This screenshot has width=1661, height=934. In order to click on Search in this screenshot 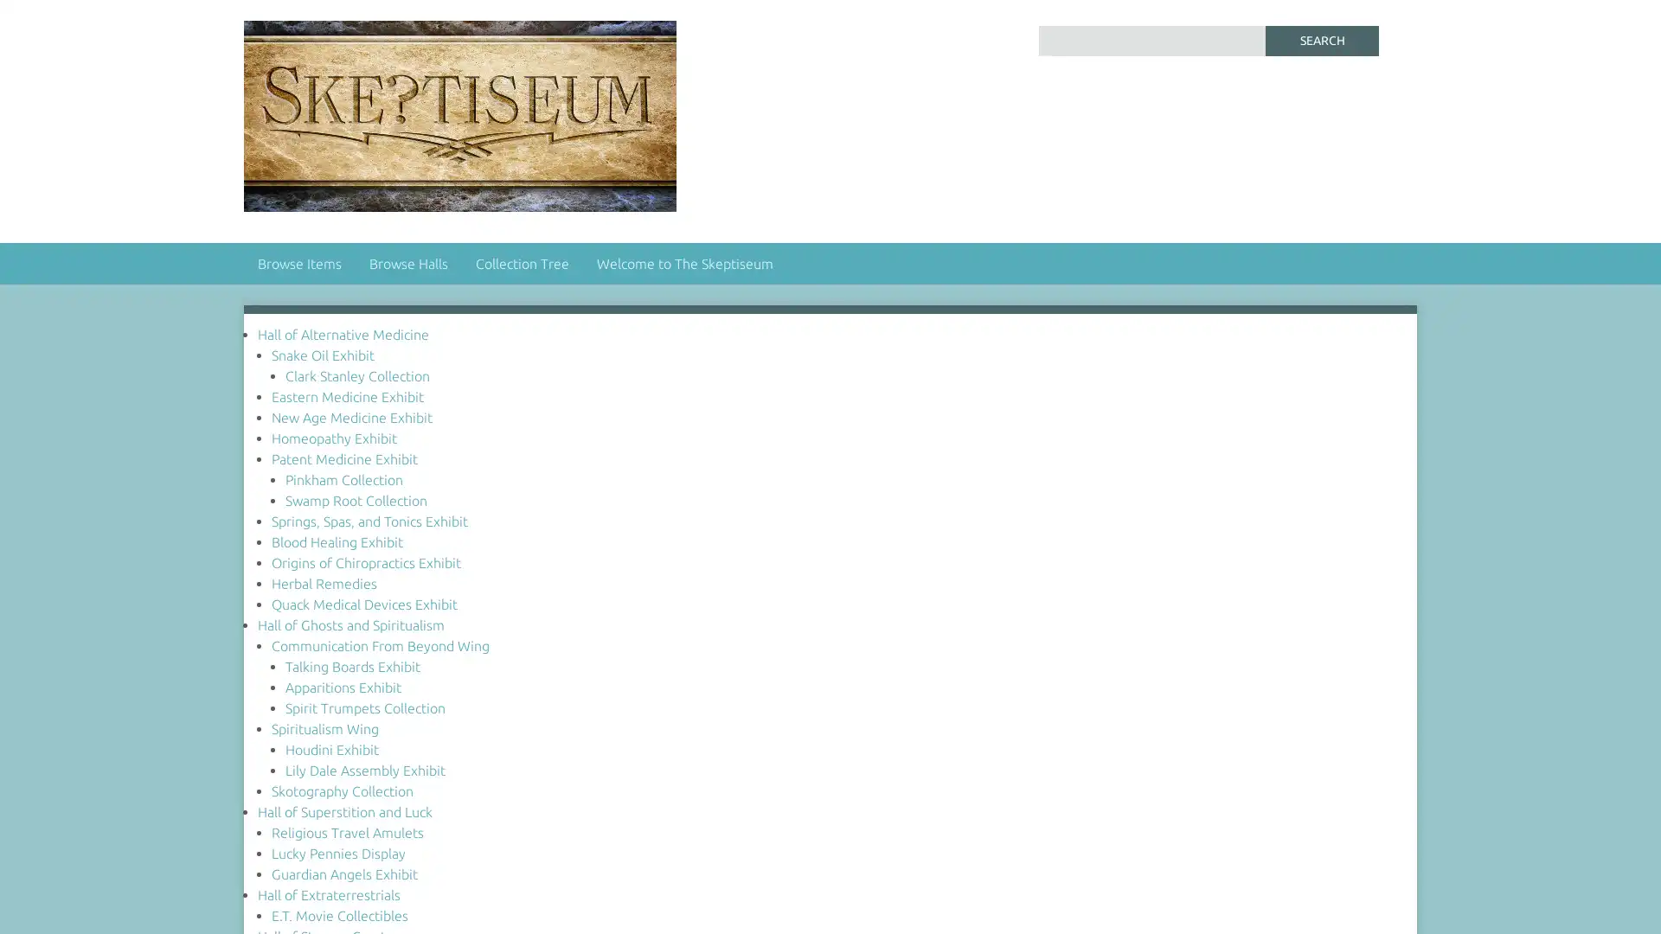, I will do `click(1320, 40)`.